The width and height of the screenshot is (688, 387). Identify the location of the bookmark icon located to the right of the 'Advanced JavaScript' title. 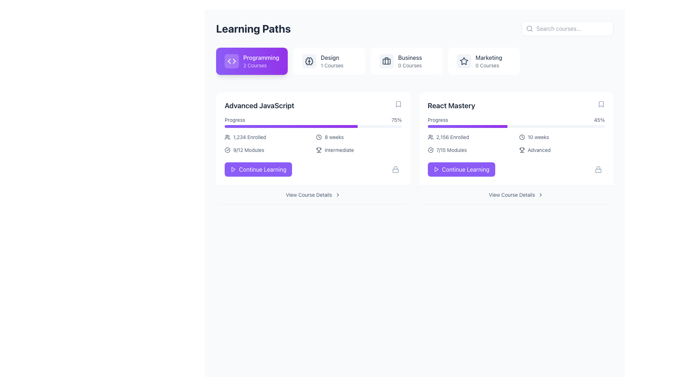
(398, 104).